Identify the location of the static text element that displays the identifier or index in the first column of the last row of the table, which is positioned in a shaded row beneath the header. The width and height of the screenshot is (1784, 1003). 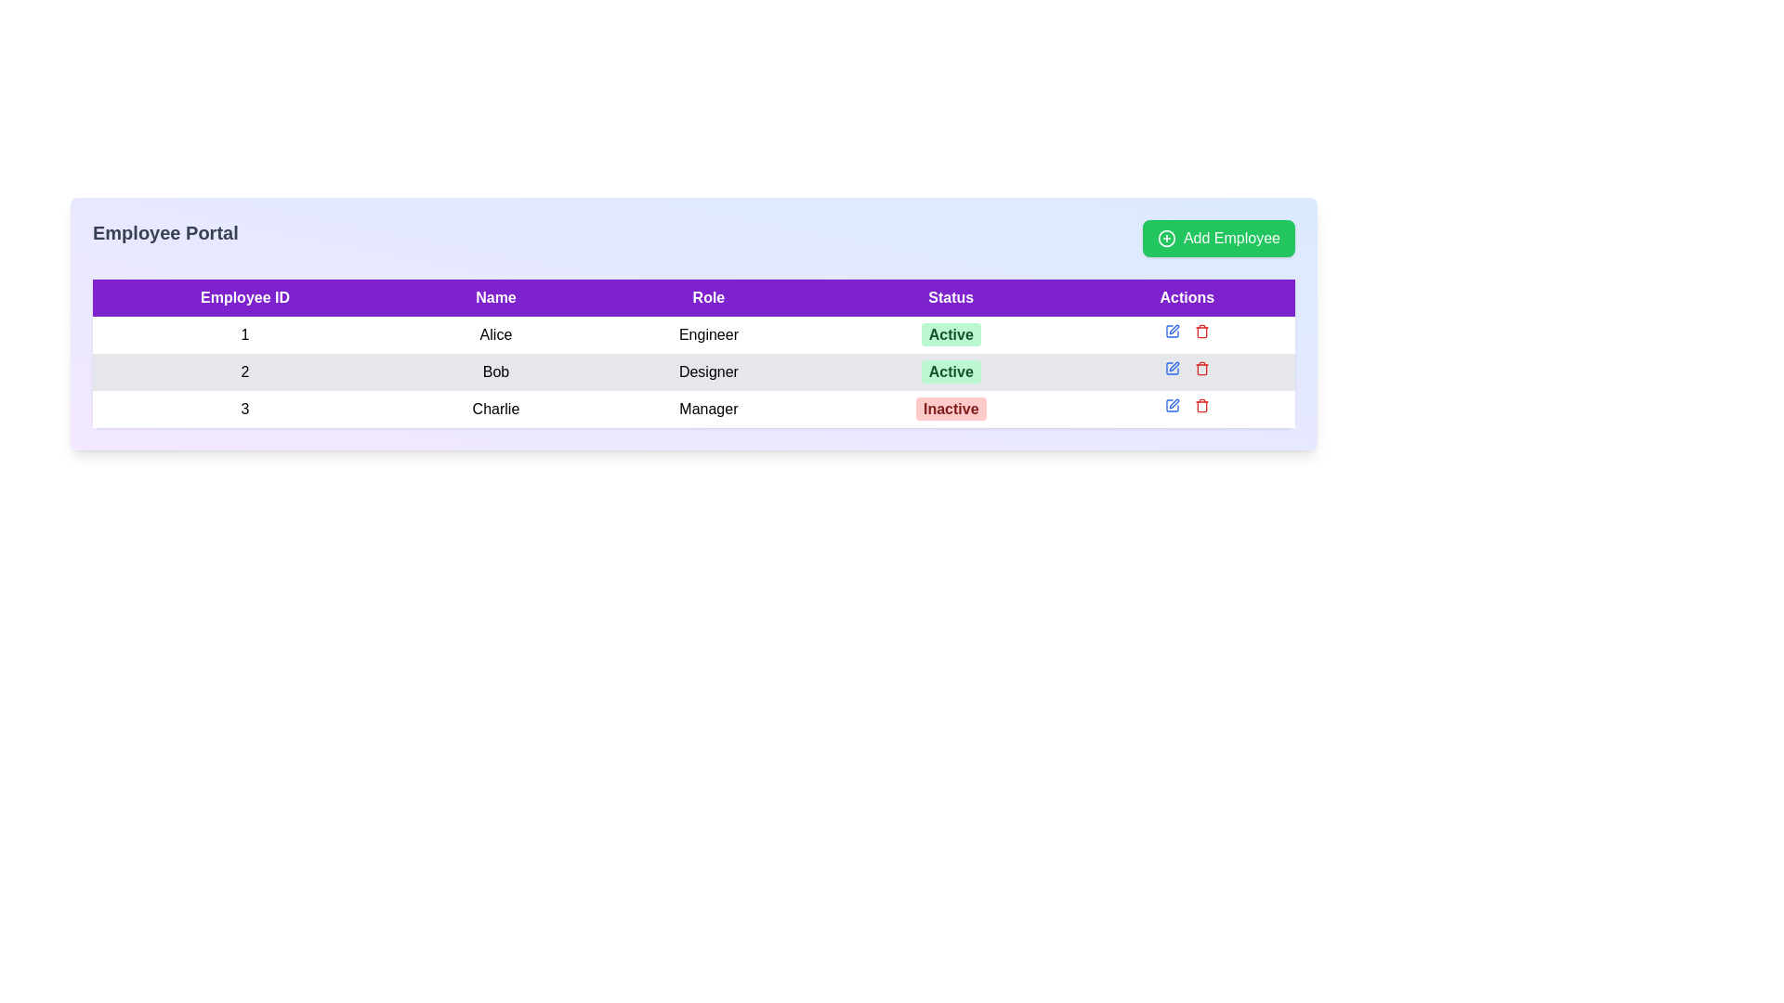
(244, 408).